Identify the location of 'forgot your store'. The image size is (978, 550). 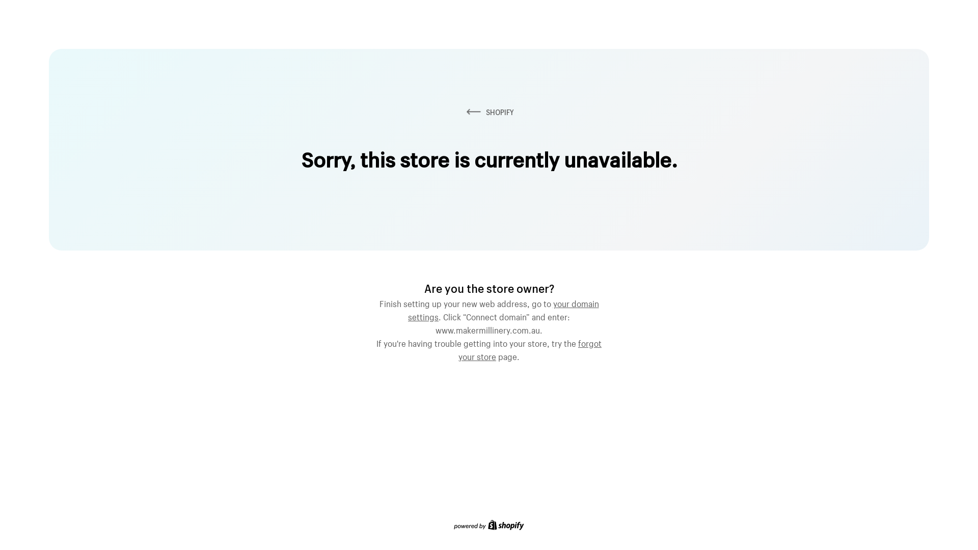
(530, 348).